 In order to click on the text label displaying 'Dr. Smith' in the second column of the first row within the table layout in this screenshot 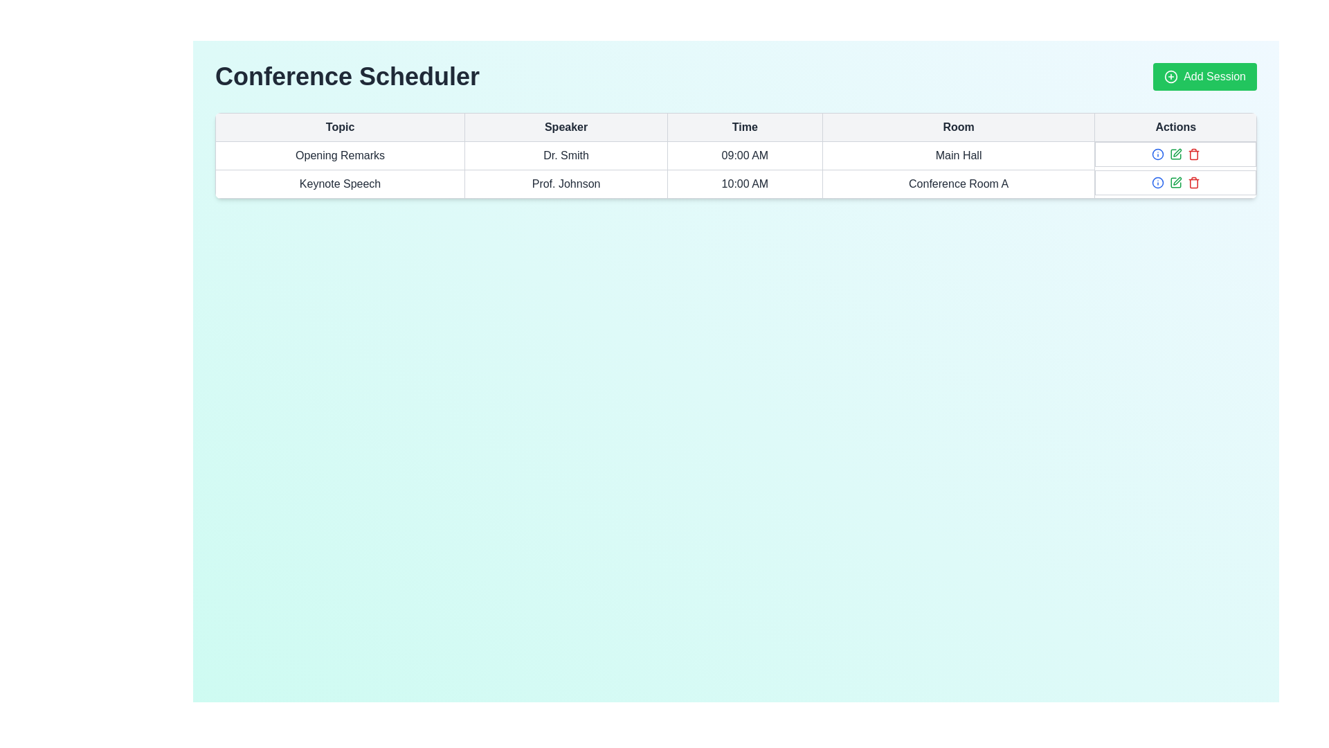, I will do `click(566, 155)`.